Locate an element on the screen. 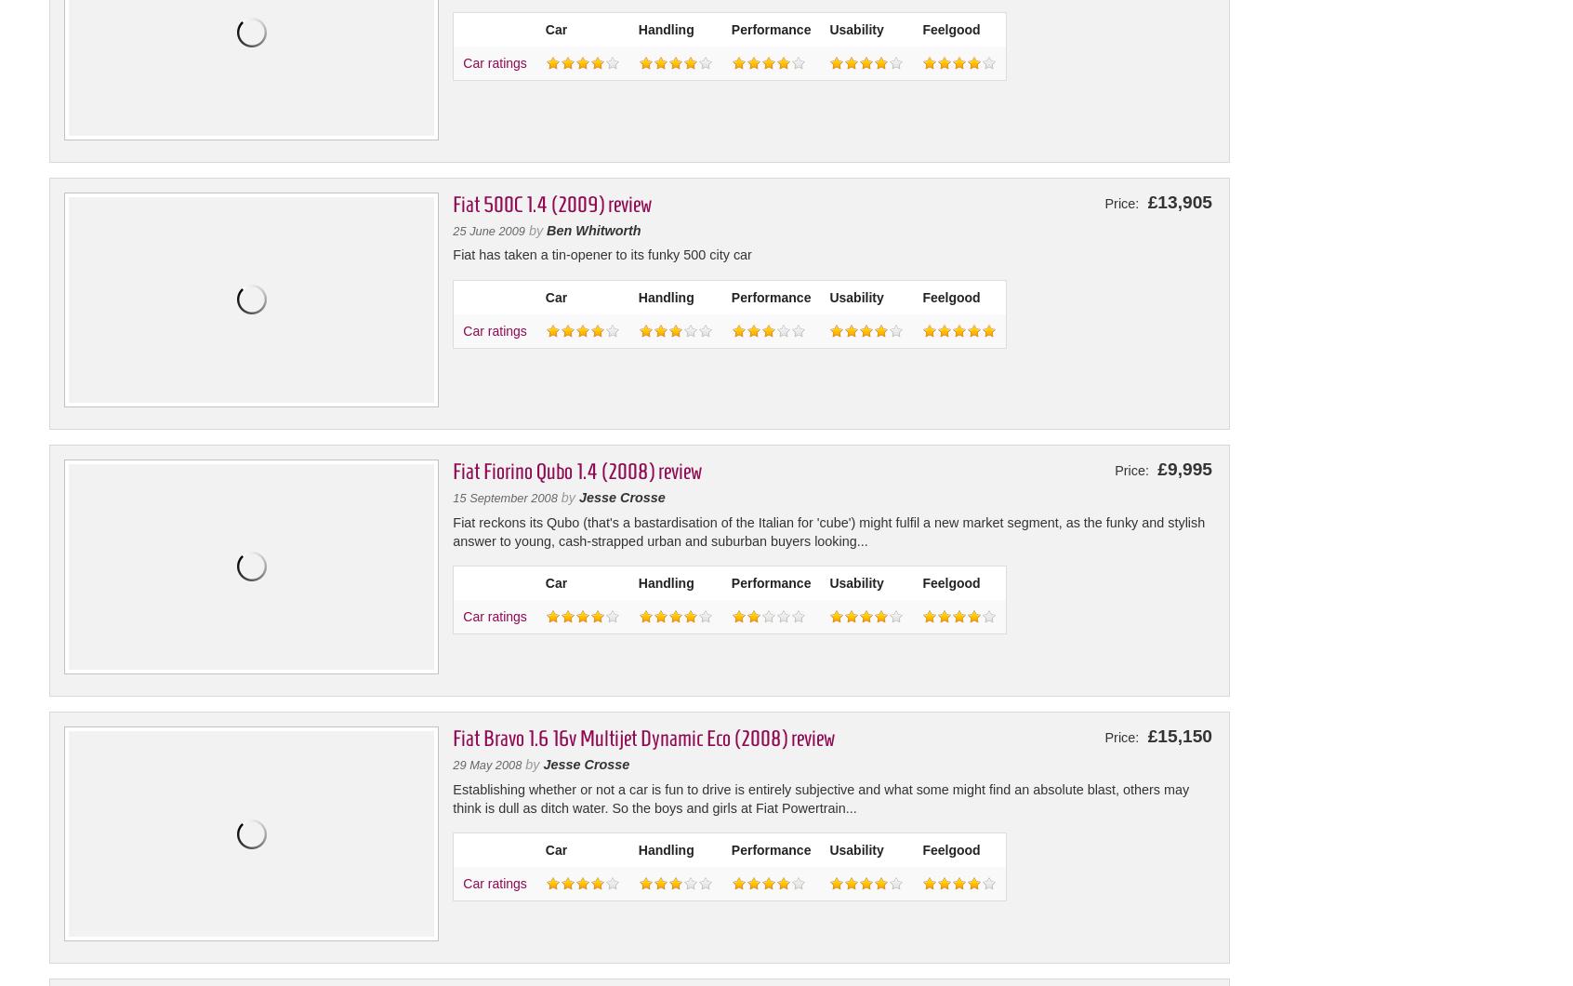  'Fiat 500C 1.4 (2009) review' is located at coordinates (551, 202).